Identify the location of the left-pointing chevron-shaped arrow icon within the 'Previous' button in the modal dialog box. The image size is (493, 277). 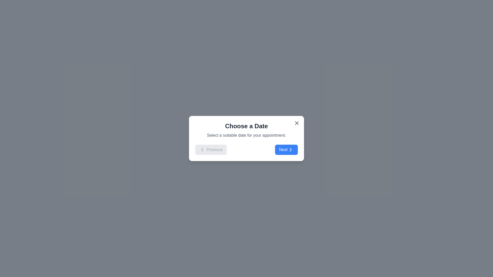
(202, 150).